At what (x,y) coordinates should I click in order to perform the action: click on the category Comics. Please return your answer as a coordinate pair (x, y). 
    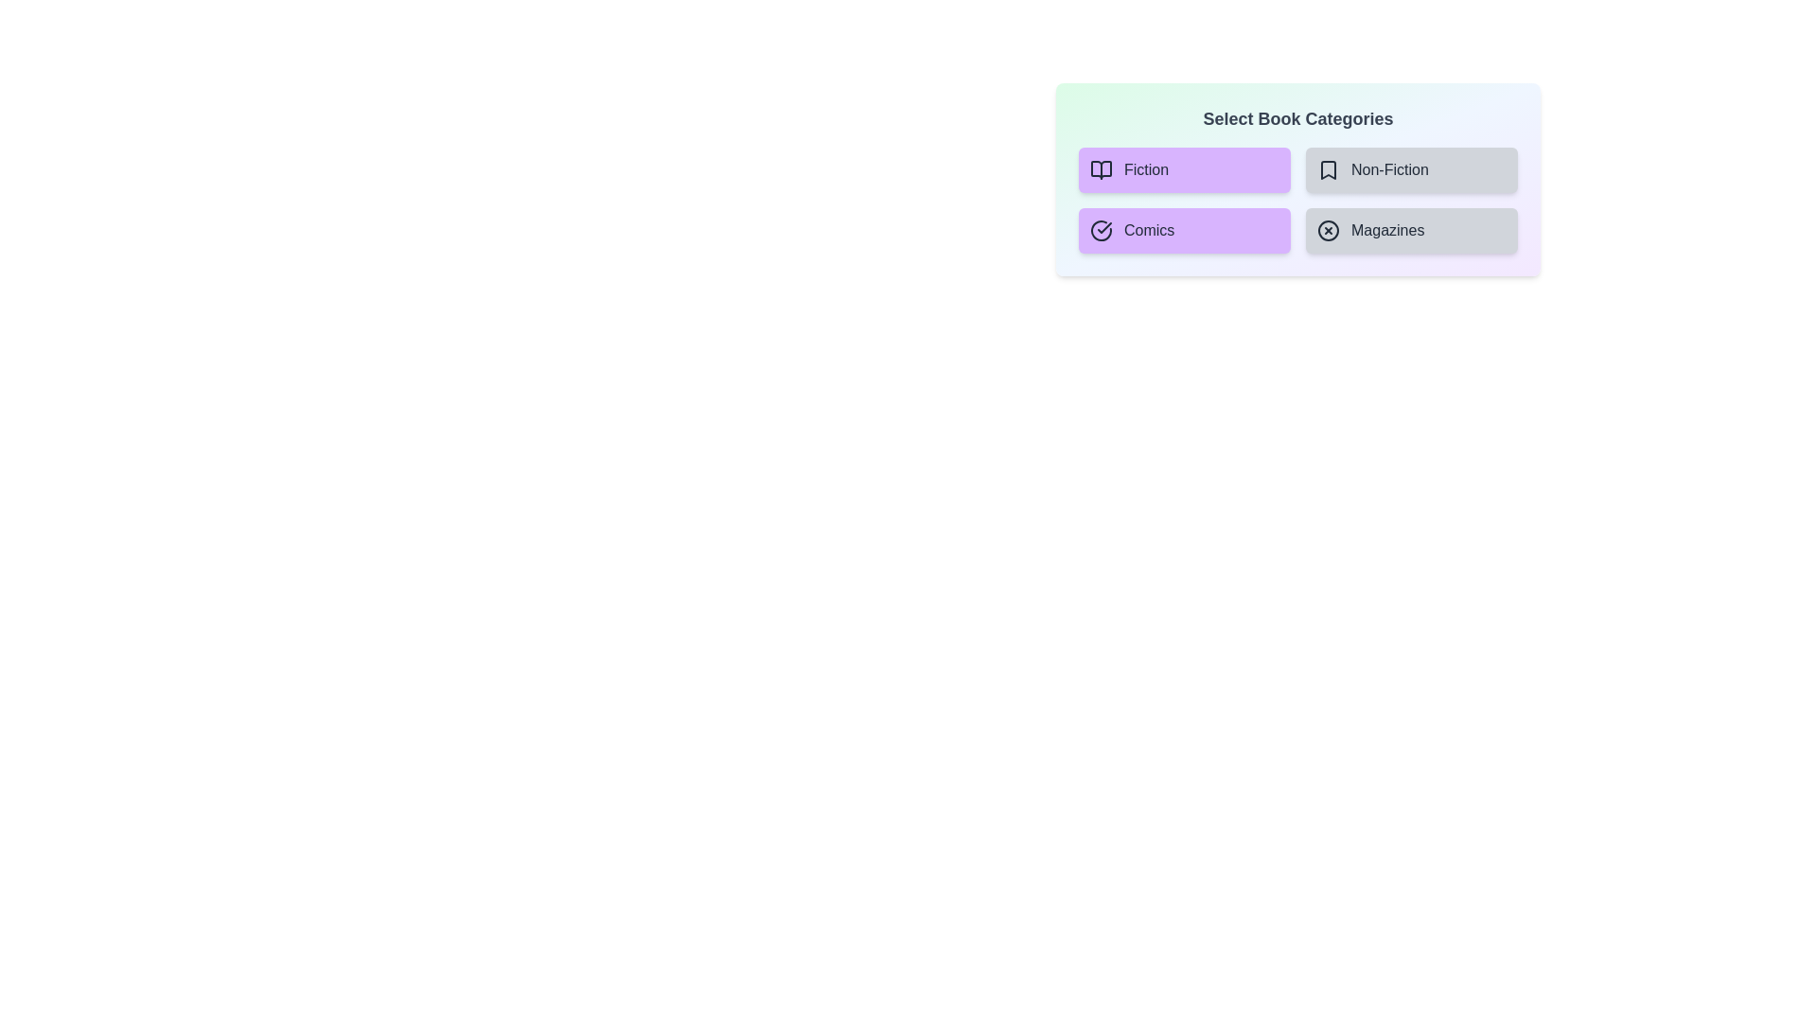
    Looking at the image, I should click on (1184, 229).